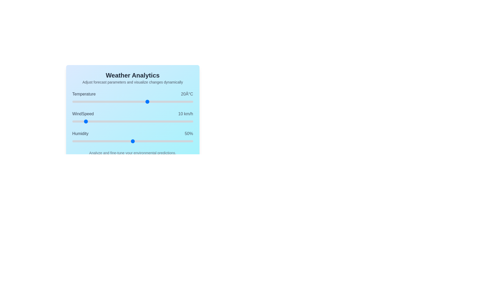  I want to click on the Humidity slider to set its value to 14, so click(89, 141).